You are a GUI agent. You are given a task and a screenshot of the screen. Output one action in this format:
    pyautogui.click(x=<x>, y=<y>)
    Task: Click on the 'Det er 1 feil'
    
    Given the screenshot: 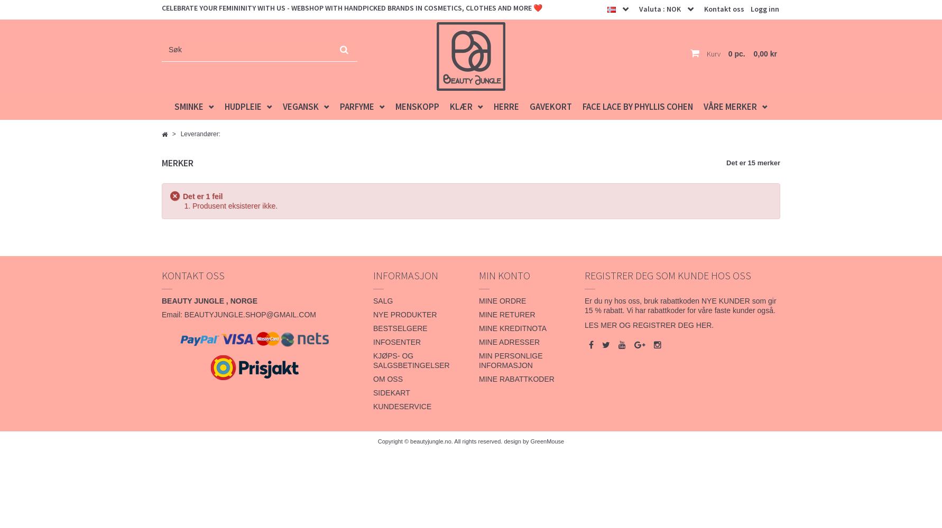 What is the action you would take?
    pyautogui.click(x=202, y=196)
    